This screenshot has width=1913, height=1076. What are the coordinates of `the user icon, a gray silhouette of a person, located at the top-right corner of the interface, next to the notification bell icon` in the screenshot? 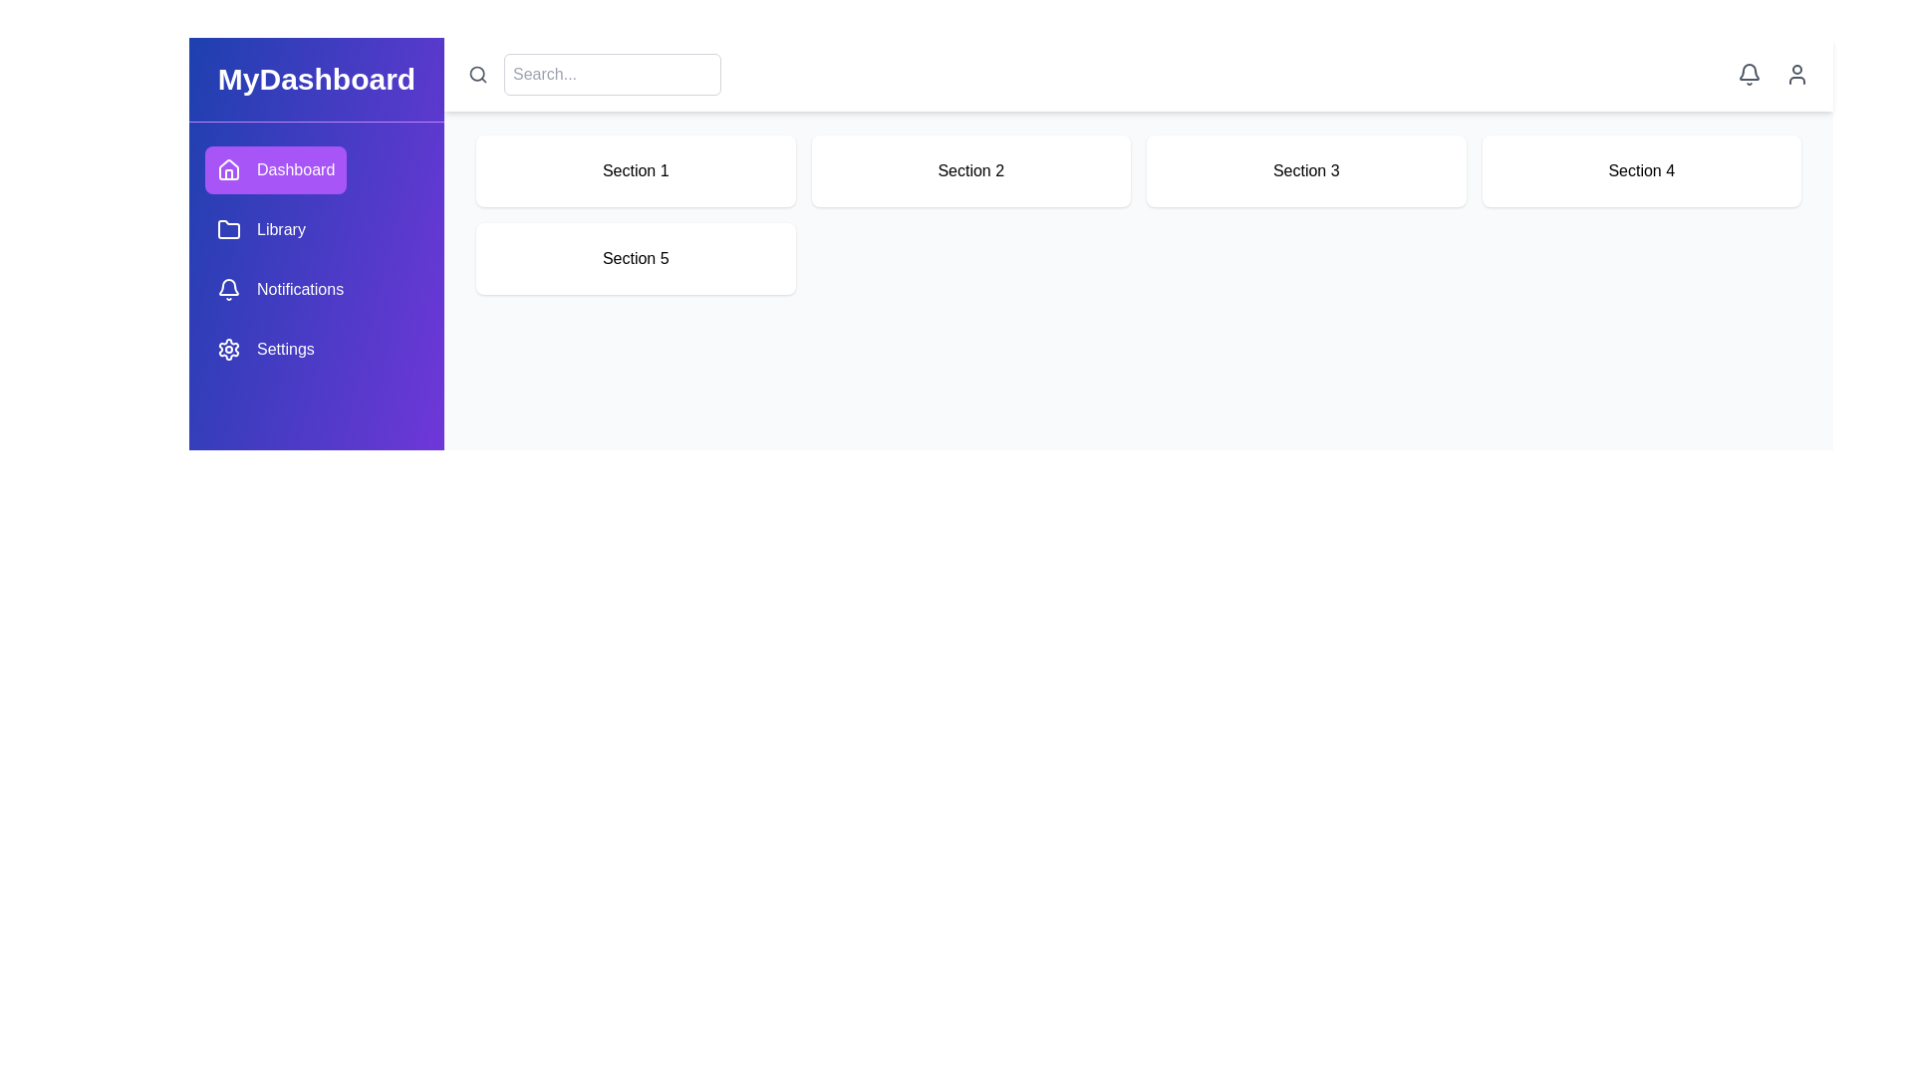 It's located at (1797, 73).